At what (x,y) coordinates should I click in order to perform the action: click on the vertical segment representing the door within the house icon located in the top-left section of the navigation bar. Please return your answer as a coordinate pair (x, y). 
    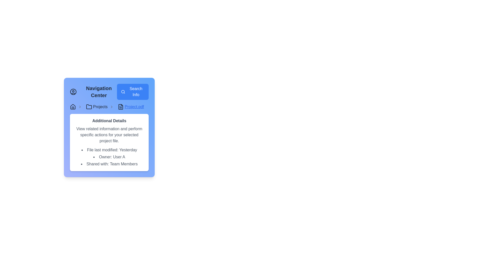
    Looking at the image, I should click on (72, 108).